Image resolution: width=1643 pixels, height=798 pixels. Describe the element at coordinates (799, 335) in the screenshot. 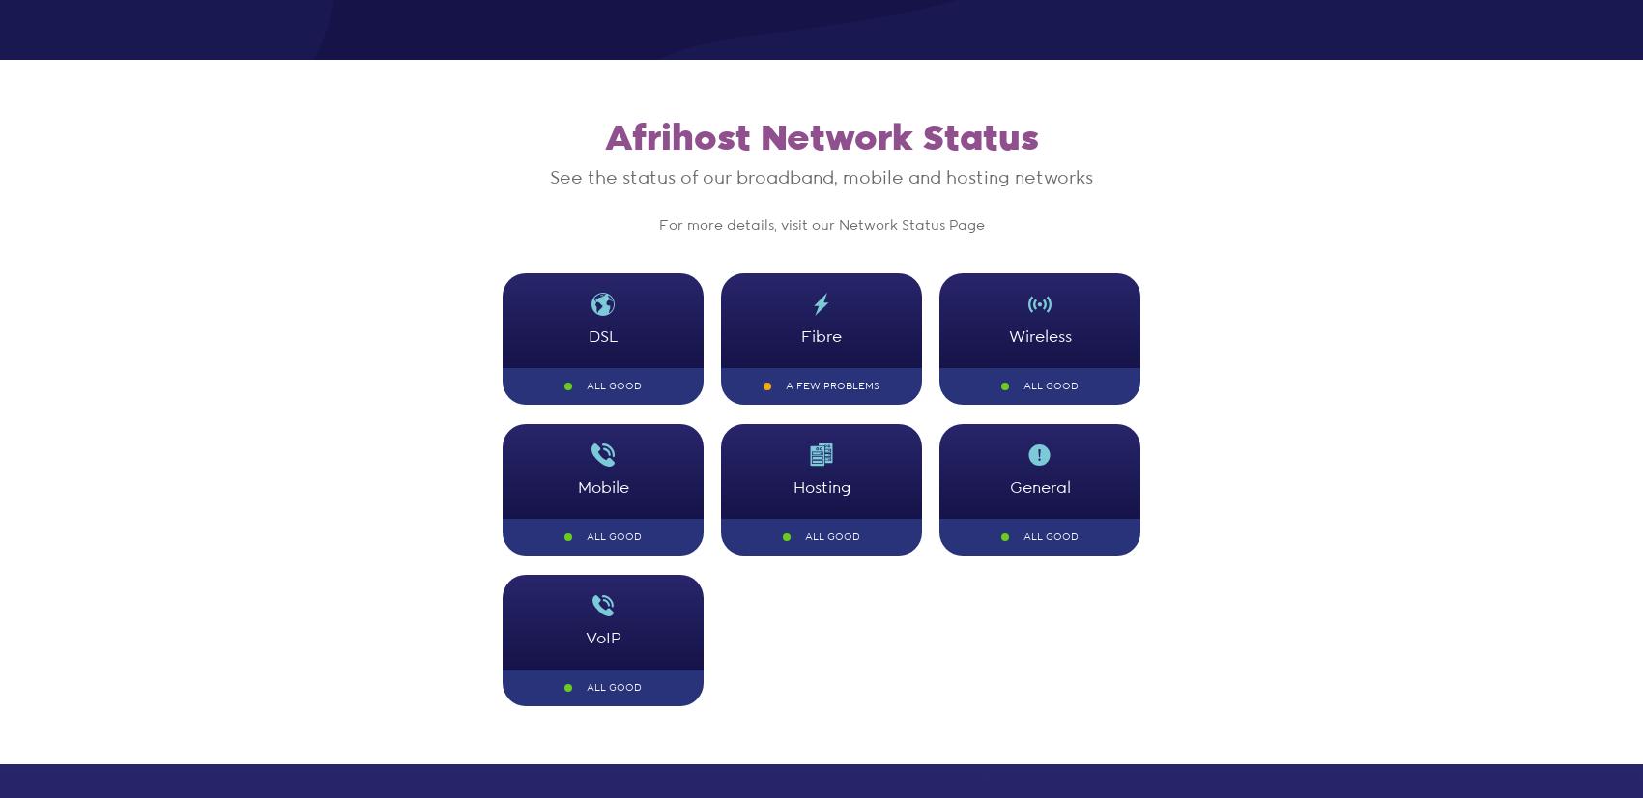

I see `'Fibre'` at that location.